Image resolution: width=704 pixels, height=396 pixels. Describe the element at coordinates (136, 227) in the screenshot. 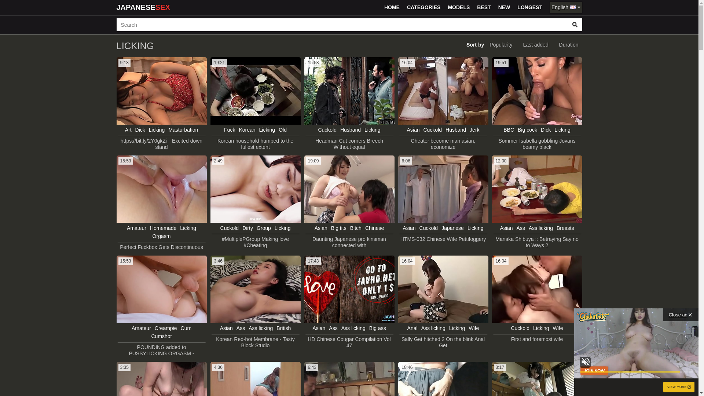

I see `'Amateur'` at that location.